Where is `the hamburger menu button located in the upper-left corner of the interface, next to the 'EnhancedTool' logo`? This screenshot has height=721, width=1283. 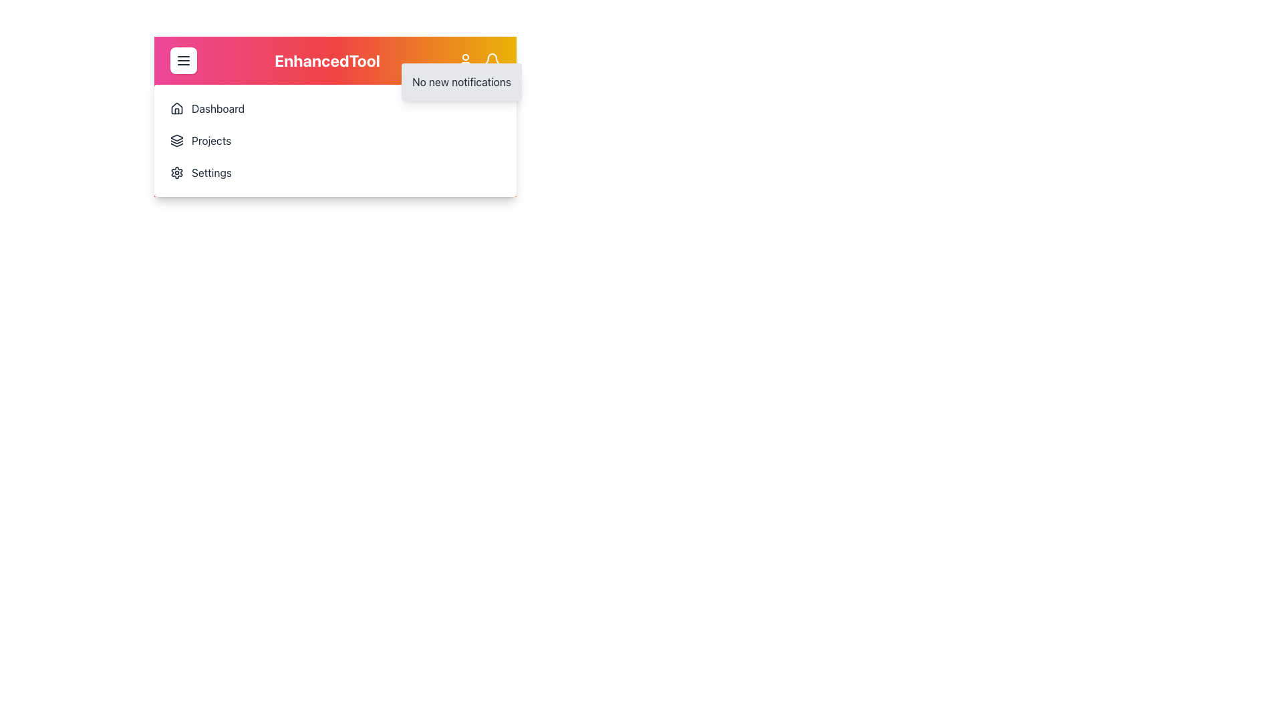
the hamburger menu button located in the upper-left corner of the interface, next to the 'EnhancedTool' logo is located at coordinates (182, 61).